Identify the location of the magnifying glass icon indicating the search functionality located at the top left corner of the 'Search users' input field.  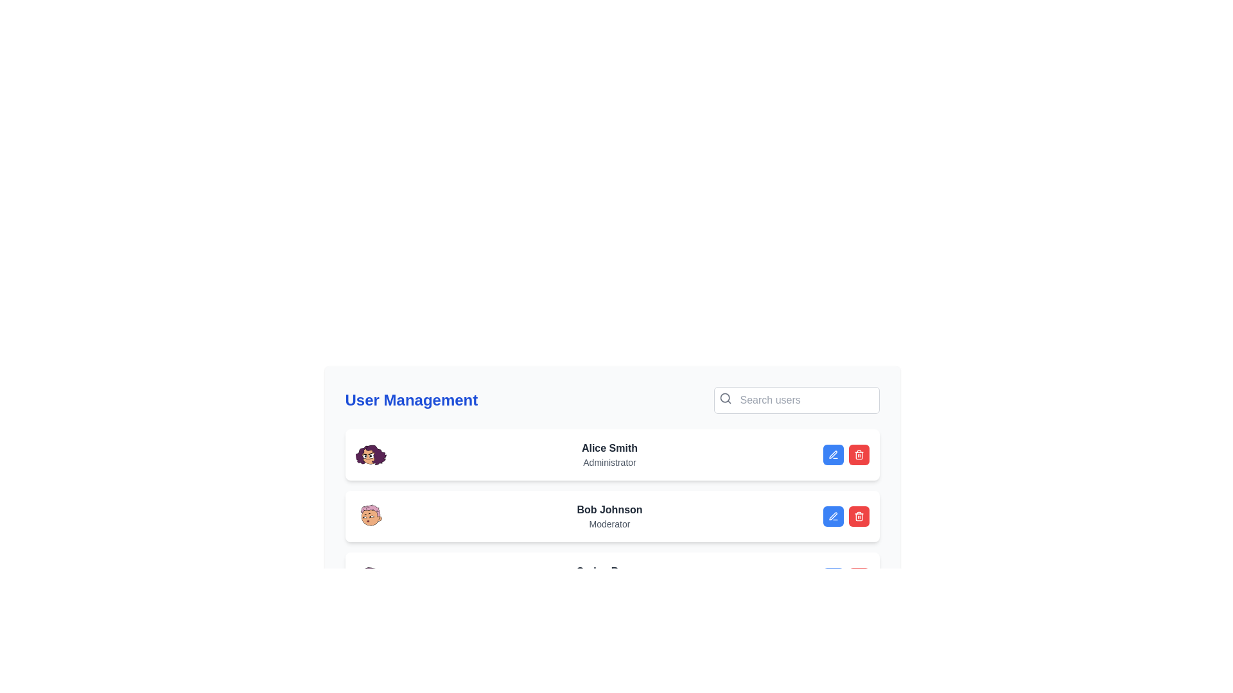
(725, 398).